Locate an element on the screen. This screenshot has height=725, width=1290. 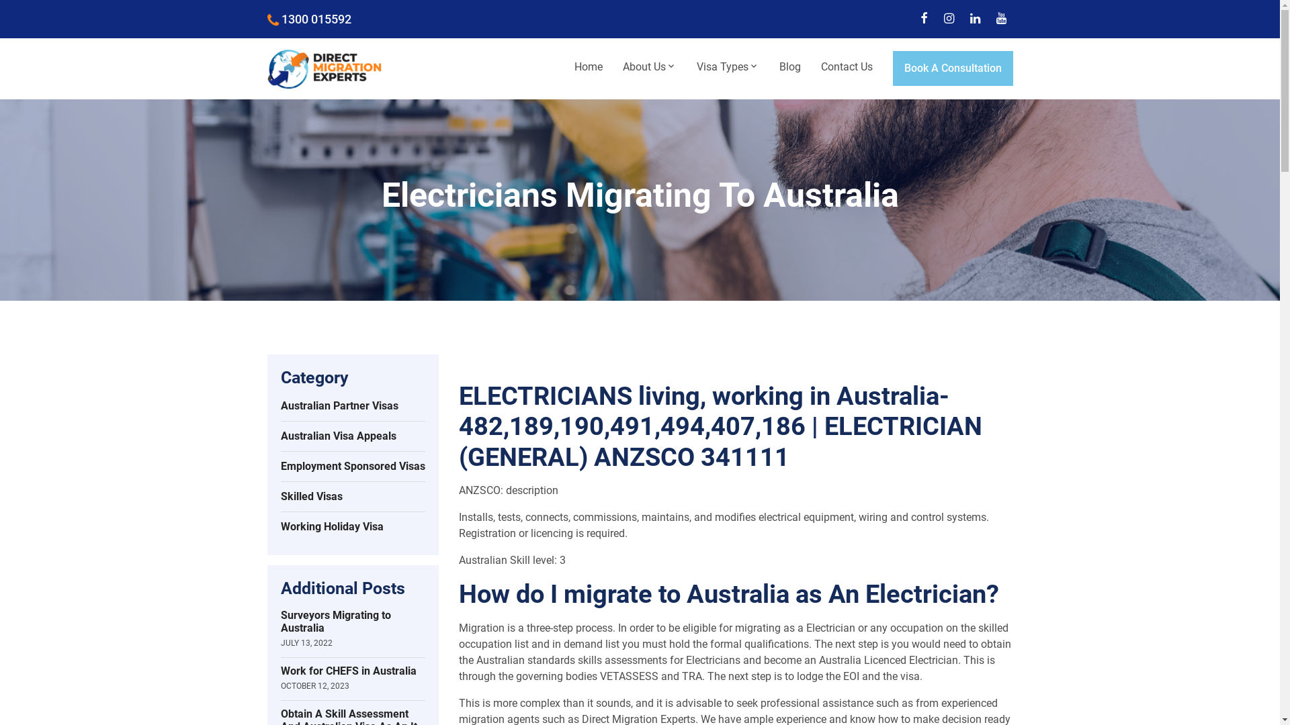
'Home' is located at coordinates (588, 67).